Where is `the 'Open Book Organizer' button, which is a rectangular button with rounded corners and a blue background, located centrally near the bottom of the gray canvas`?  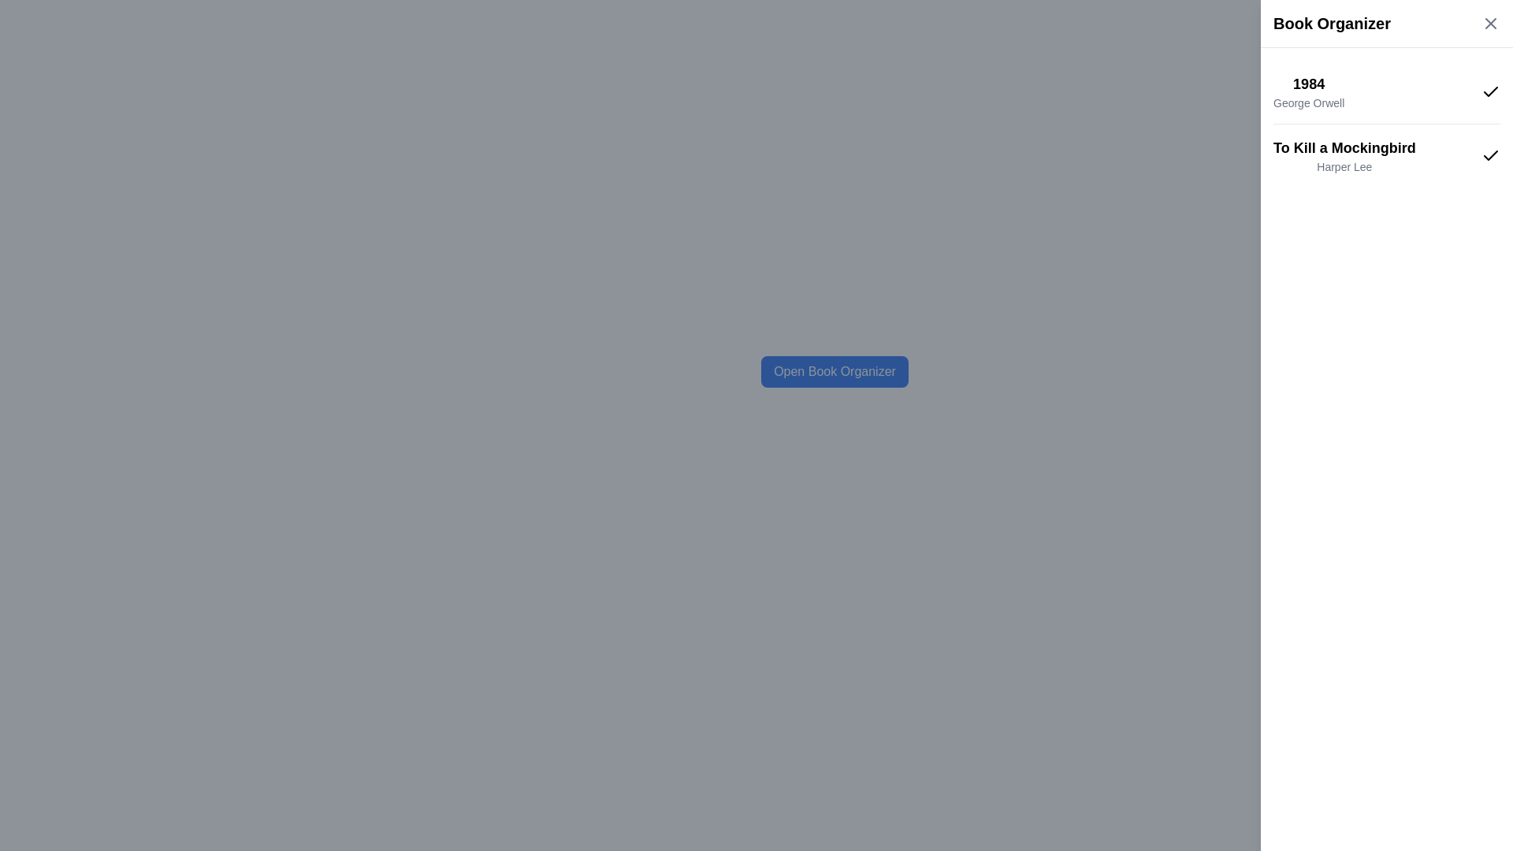 the 'Open Book Organizer' button, which is a rectangular button with rounded corners and a blue background, located centrally near the bottom of the gray canvas is located at coordinates (834, 371).